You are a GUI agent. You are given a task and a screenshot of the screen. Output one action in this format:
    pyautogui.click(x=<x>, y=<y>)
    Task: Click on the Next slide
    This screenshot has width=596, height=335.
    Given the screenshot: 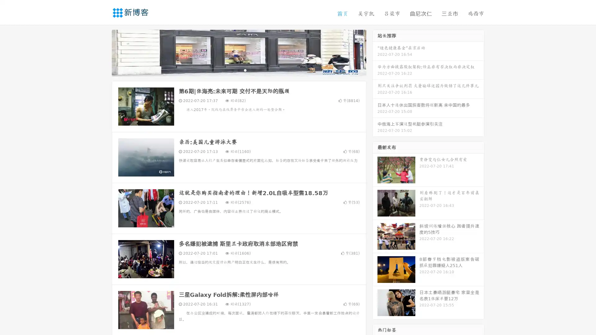 What is the action you would take?
    pyautogui.click(x=375, y=52)
    